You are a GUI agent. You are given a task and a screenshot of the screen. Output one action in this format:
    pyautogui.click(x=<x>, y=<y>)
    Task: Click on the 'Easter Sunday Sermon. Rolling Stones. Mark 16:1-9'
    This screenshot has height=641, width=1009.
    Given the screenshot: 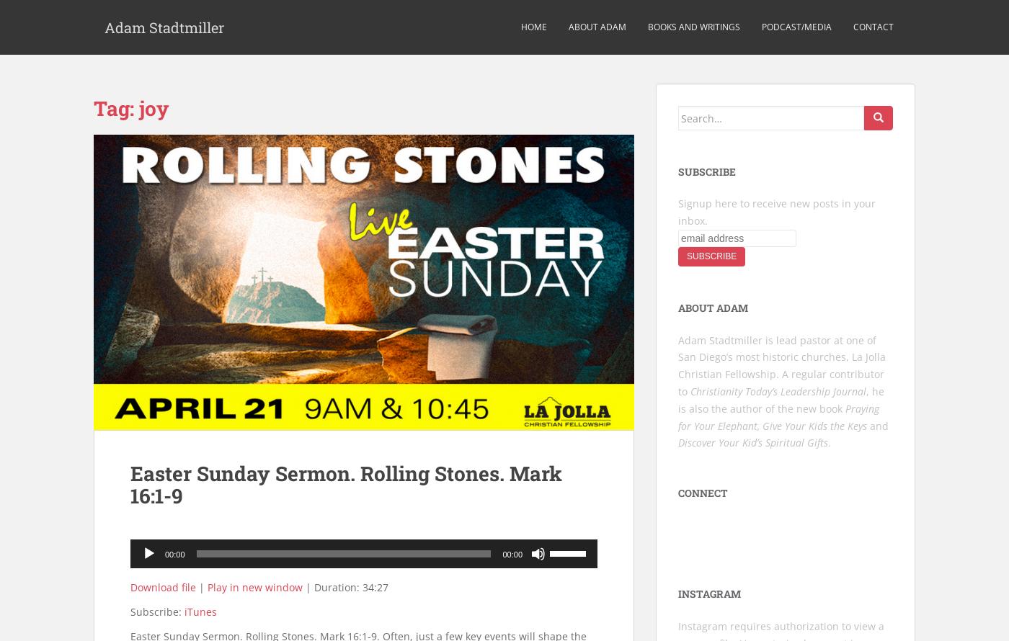 What is the action you would take?
    pyautogui.click(x=346, y=483)
    